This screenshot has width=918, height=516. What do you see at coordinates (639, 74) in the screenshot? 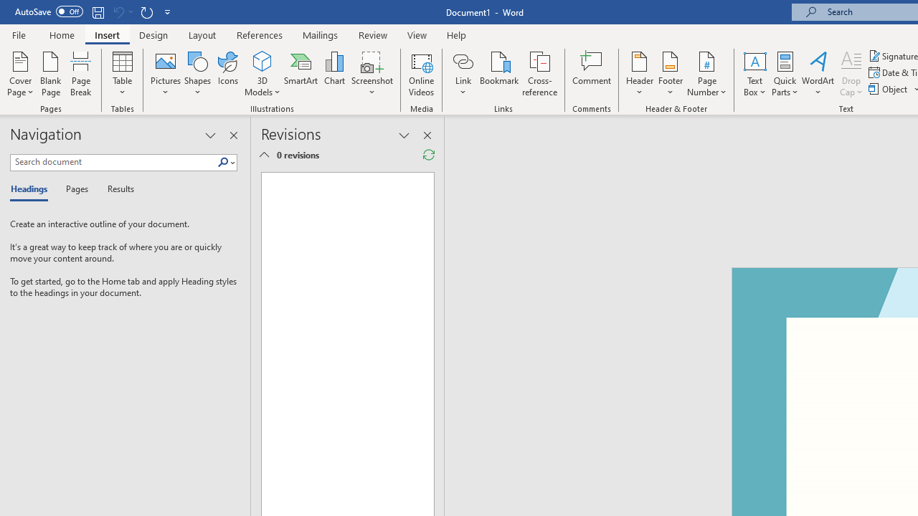
I see `'Header'` at bounding box center [639, 74].